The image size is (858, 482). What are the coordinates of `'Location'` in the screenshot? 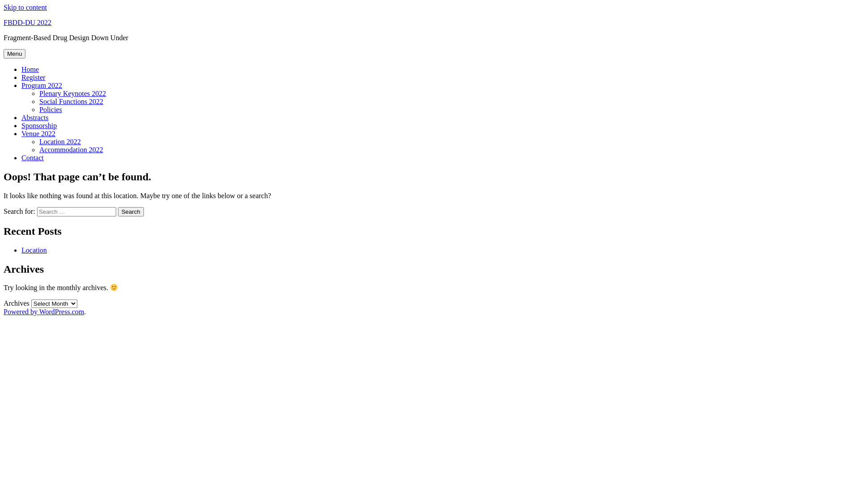 It's located at (34, 250).